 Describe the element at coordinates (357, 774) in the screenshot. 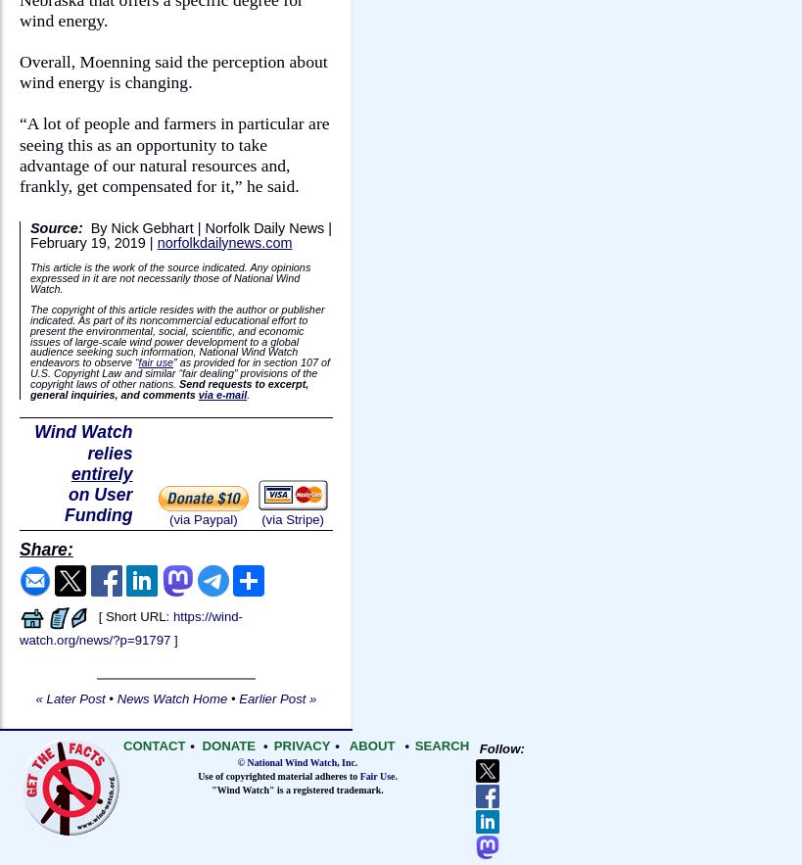

I see `'Fair Use'` at that location.